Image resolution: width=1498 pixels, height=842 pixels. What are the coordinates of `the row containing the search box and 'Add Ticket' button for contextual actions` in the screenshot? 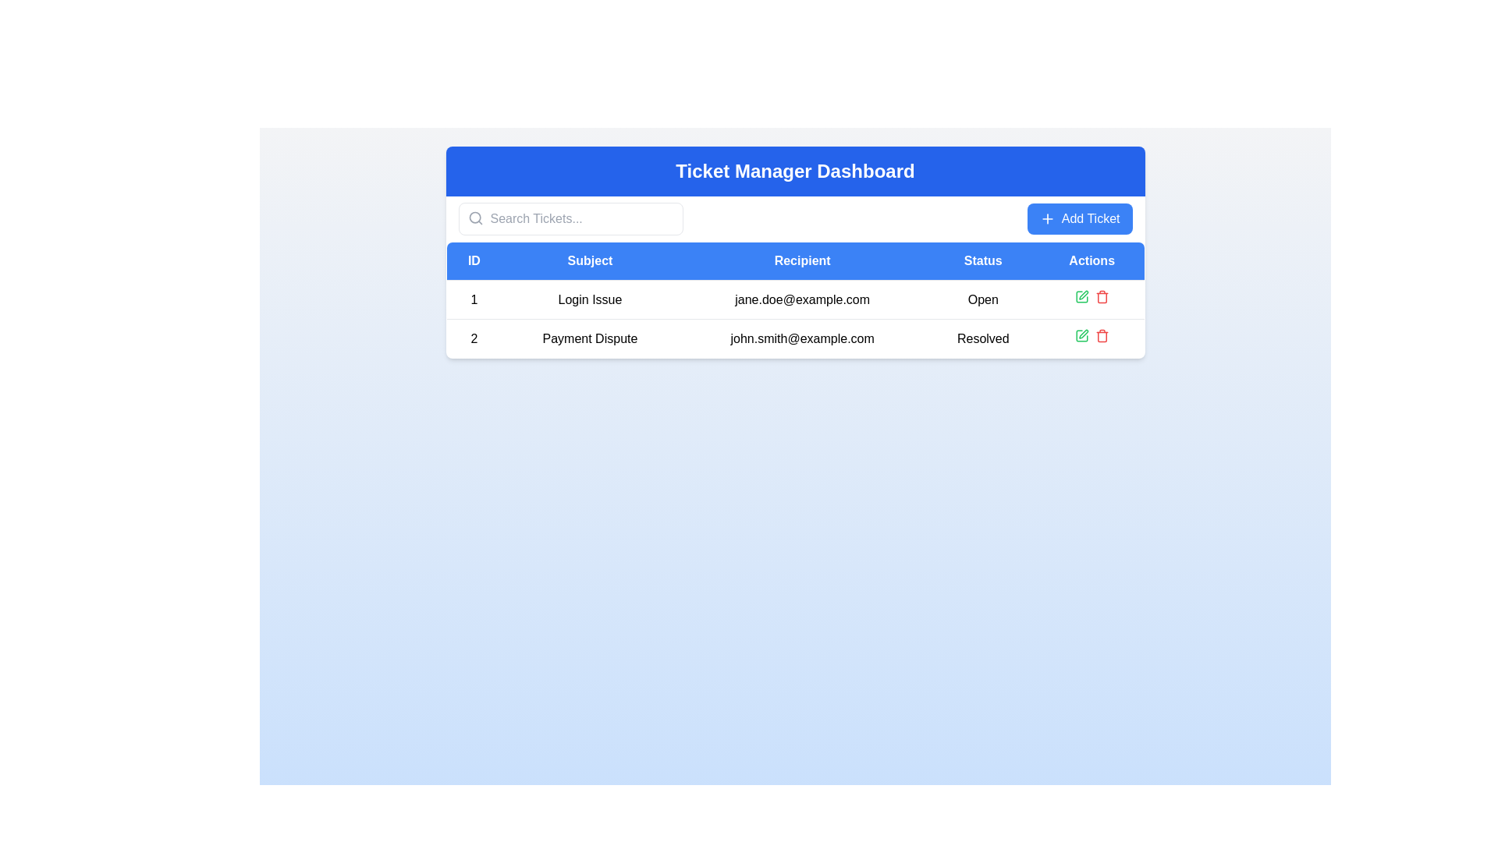 It's located at (795, 219).